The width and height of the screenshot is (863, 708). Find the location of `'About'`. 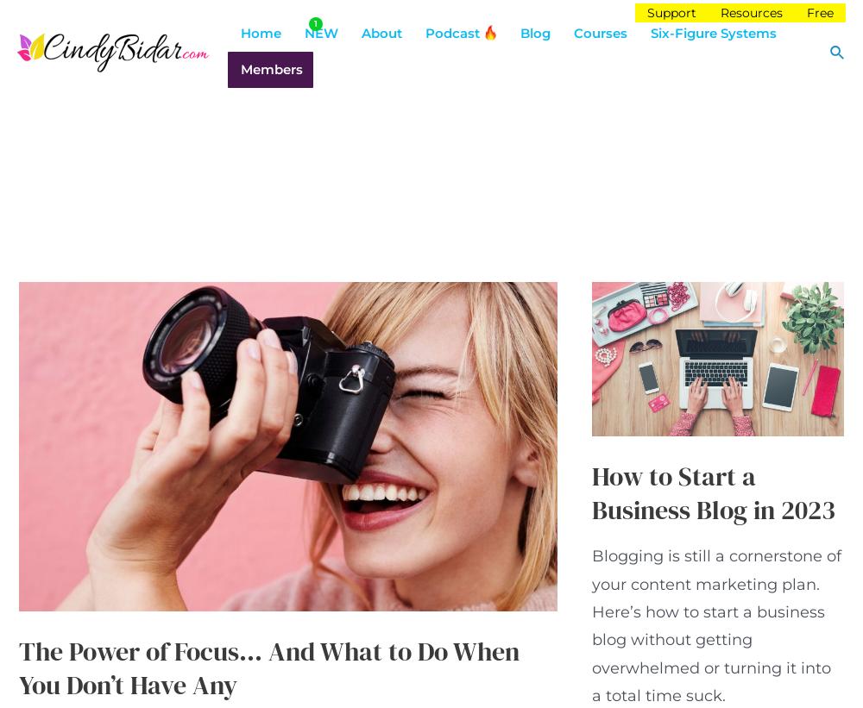

'About' is located at coordinates (381, 32).